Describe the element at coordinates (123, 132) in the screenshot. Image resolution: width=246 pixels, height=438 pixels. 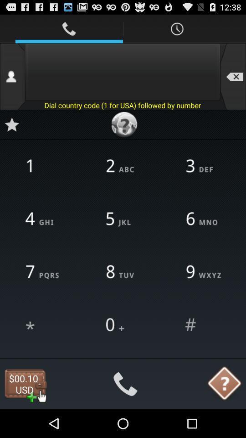
I see `the help icon` at that location.